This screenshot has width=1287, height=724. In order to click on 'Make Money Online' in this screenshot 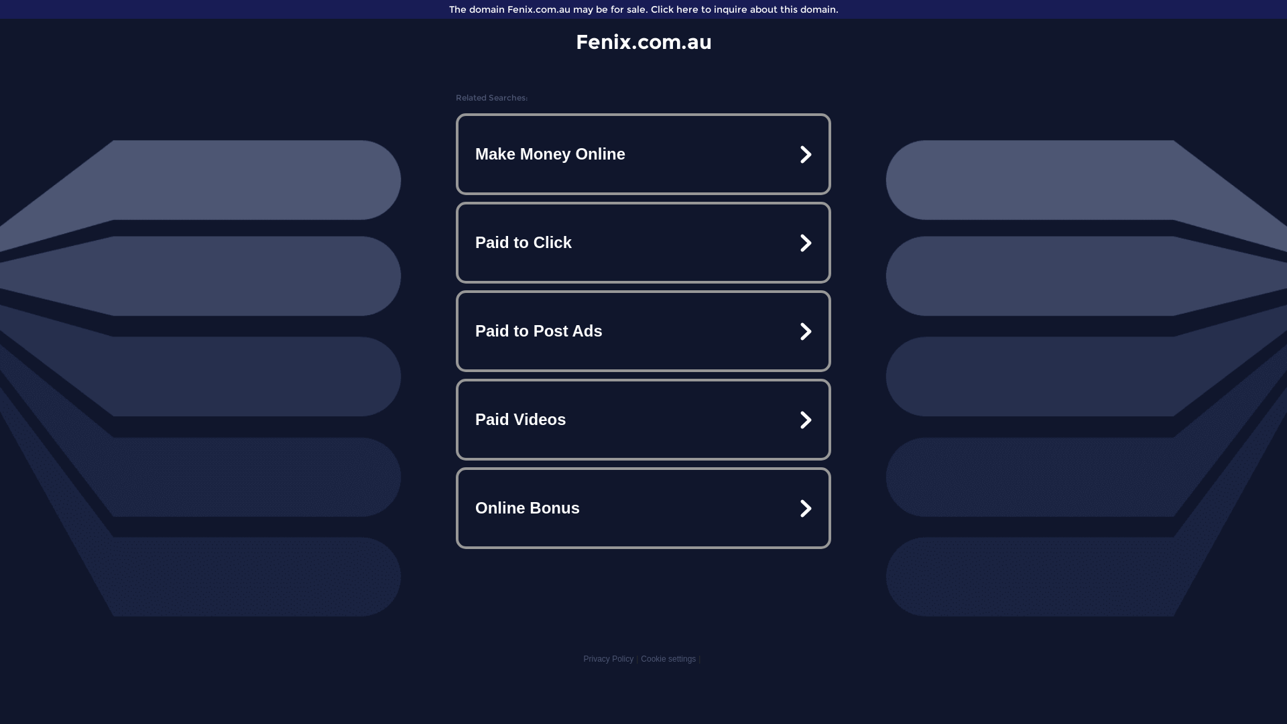, I will do `click(643, 154)`.